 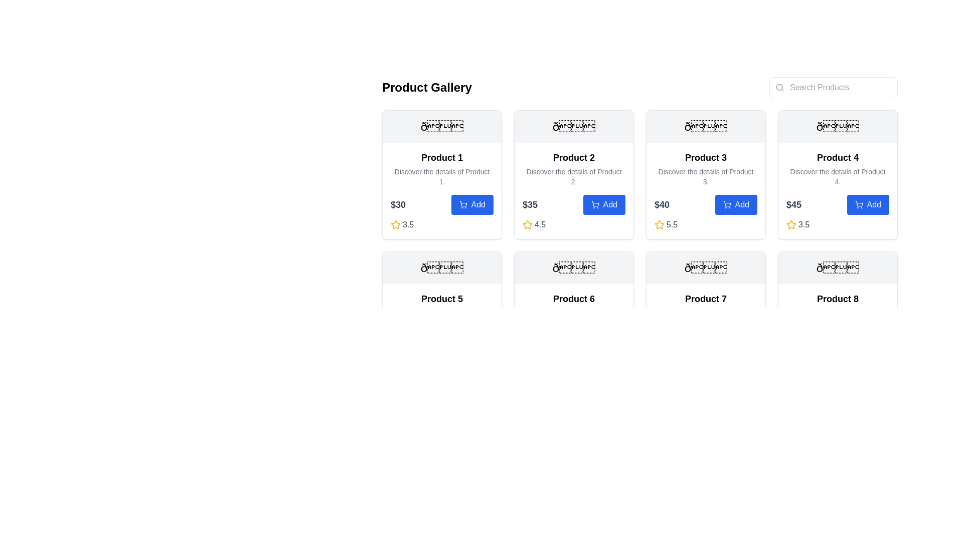 I want to click on the text label displaying 'Product 4', which is a prominent title in bold, located in the fourth product card of the product grid, so click(x=838, y=158).